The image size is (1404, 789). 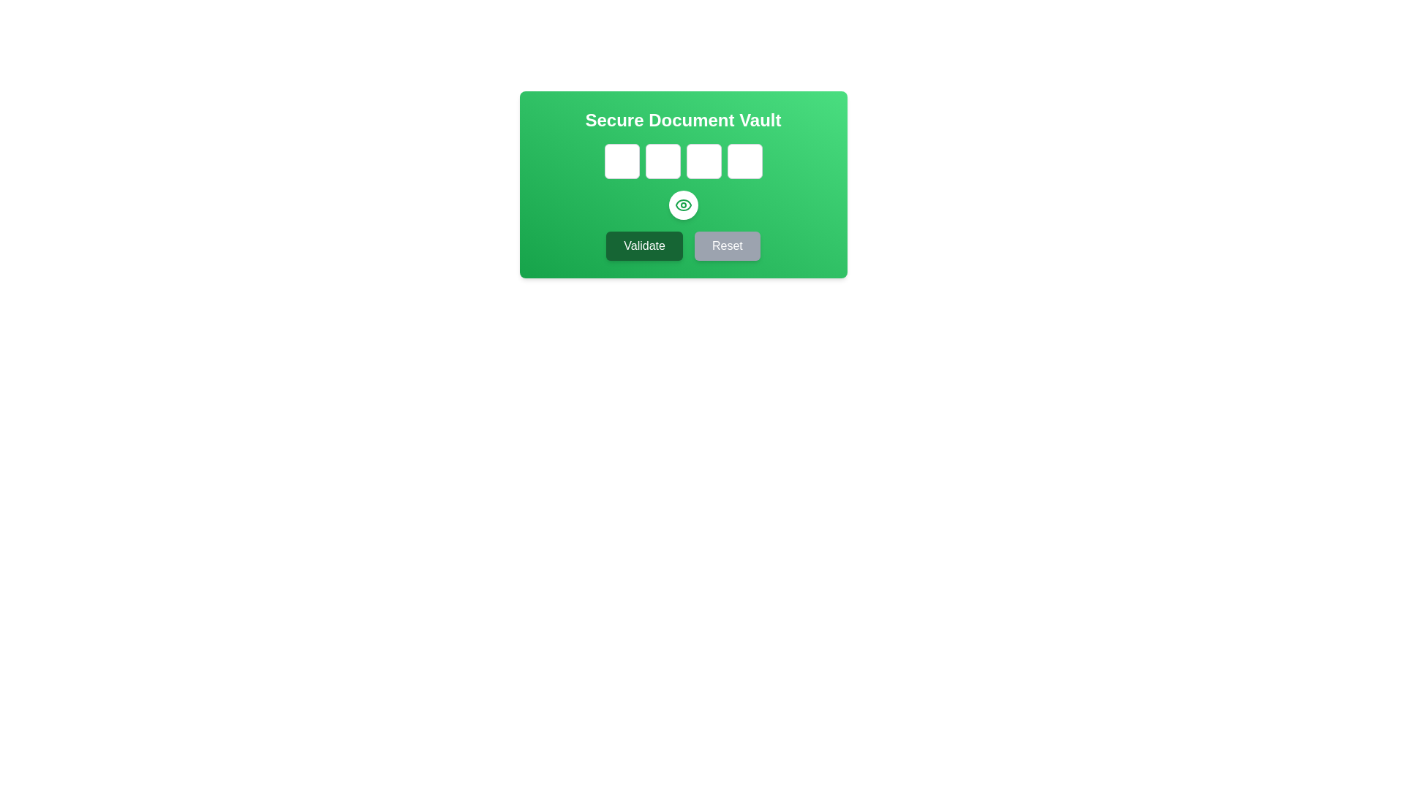 What do you see at coordinates (682, 205) in the screenshot?
I see `the circular visibility control button with a white background and green border, located between the 'Validate' and 'Reset' buttons` at bounding box center [682, 205].